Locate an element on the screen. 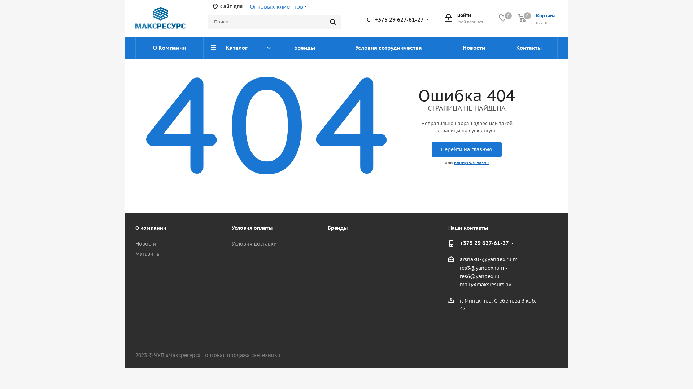 This screenshot has width=693, height=389. 'mail@maksresurs.by' is located at coordinates (485, 284).